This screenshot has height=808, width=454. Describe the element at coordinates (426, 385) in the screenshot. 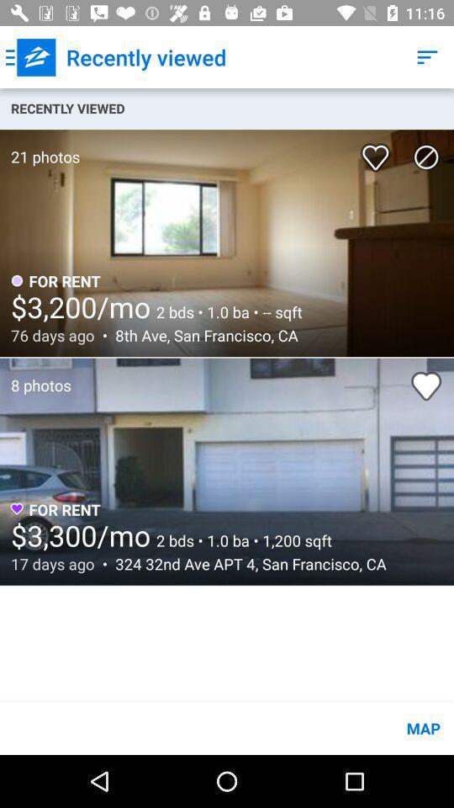

I see `icon to the right of 8 photos item` at that location.